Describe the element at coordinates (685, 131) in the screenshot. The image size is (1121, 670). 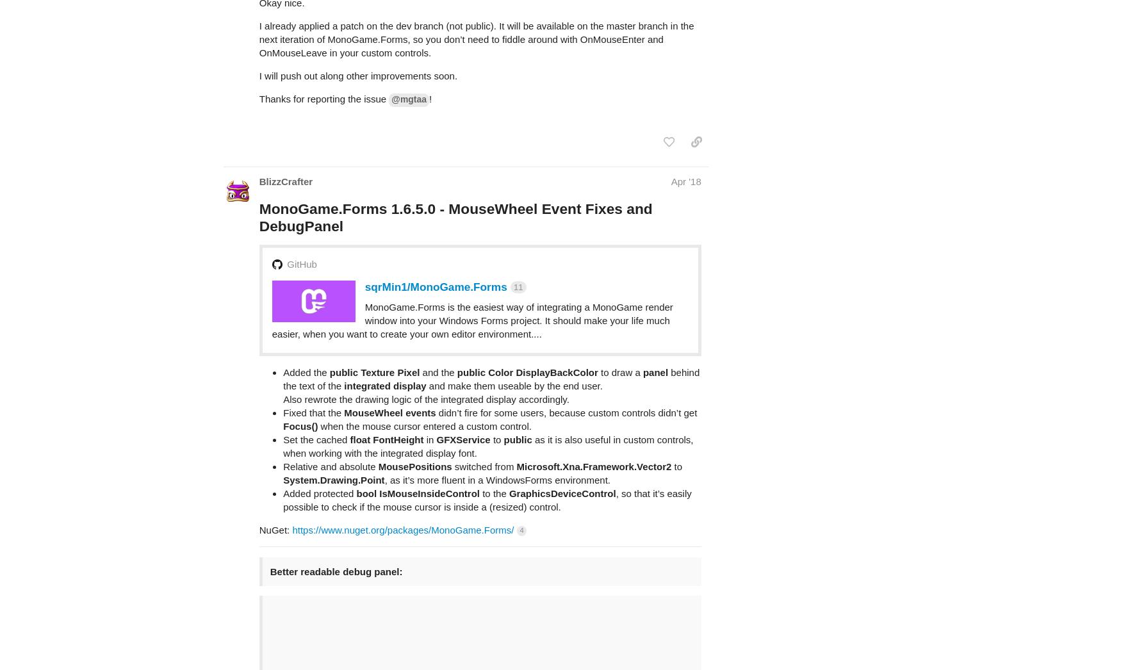
I see `'Apr '18'` at that location.